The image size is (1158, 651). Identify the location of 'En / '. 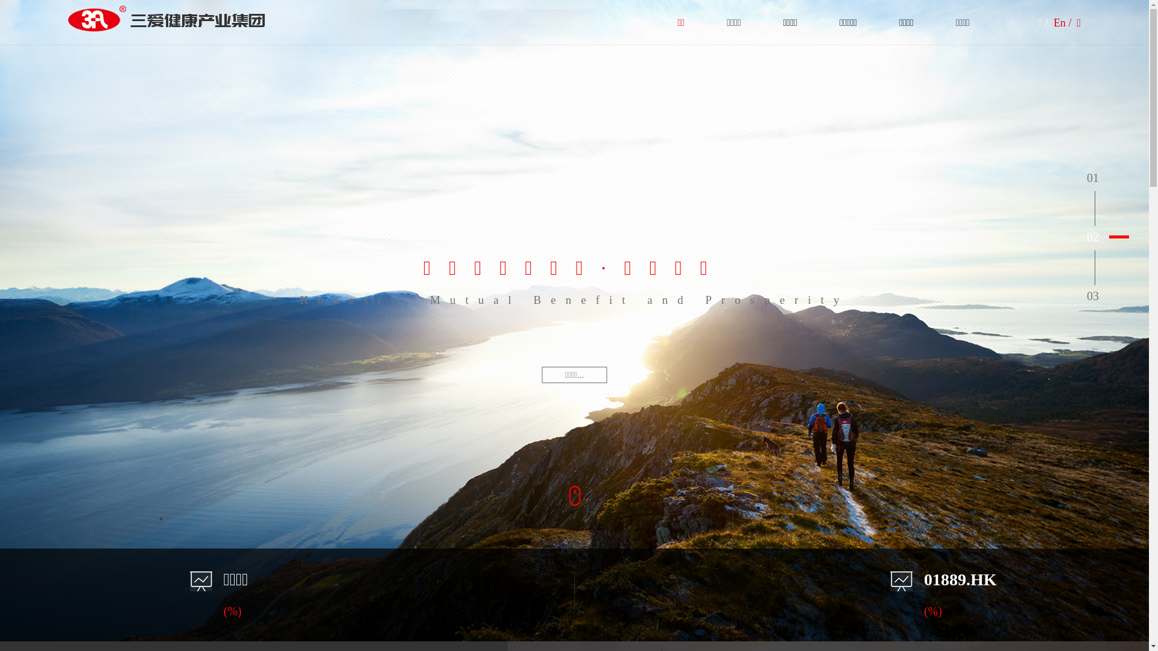
(1063, 23).